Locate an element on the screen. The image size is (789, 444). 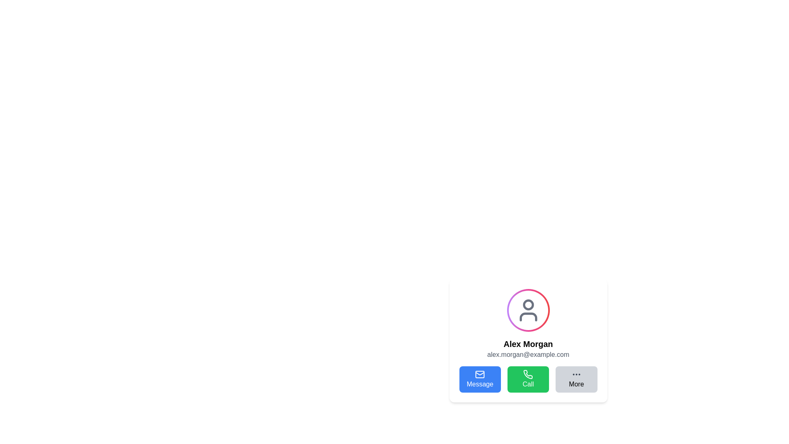
text label 'Message' on the blue button located in the bottom-left region of the contact information card is located at coordinates (480, 384).